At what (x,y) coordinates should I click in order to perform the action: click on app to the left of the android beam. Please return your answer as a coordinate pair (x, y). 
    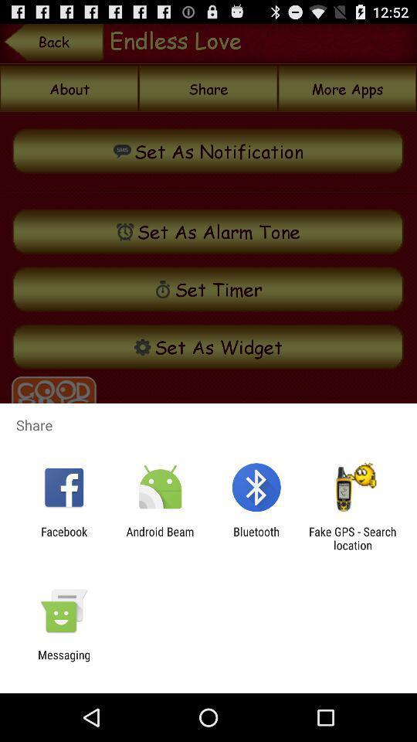
    Looking at the image, I should click on (63, 538).